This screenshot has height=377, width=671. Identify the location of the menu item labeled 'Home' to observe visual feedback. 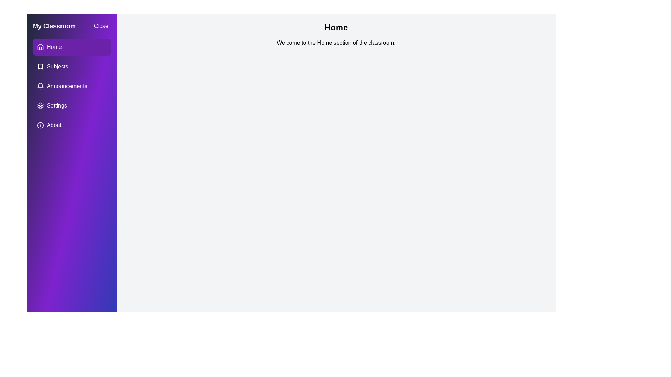
(72, 47).